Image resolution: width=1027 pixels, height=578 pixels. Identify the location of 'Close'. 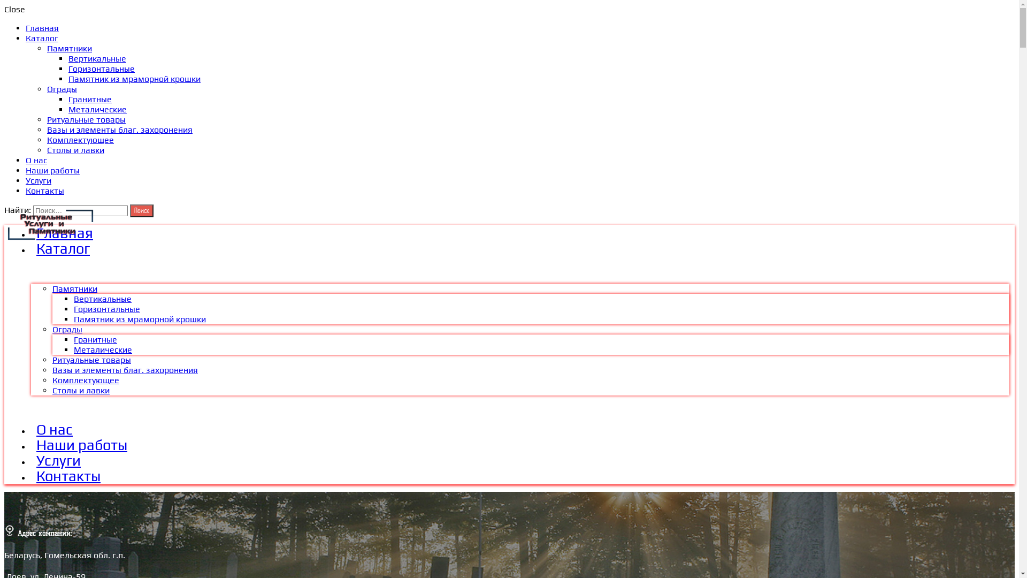
(4, 9).